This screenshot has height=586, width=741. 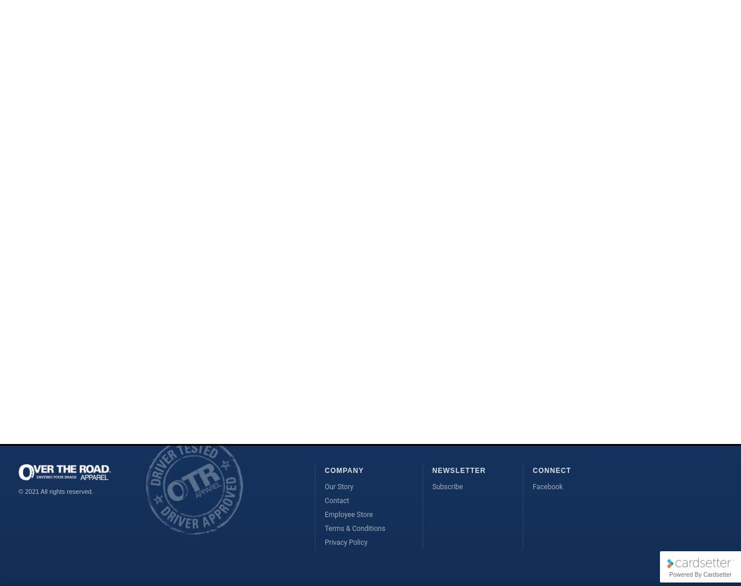 What do you see at coordinates (446, 486) in the screenshot?
I see `'Subscribe'` at bounding box center [446, 486].